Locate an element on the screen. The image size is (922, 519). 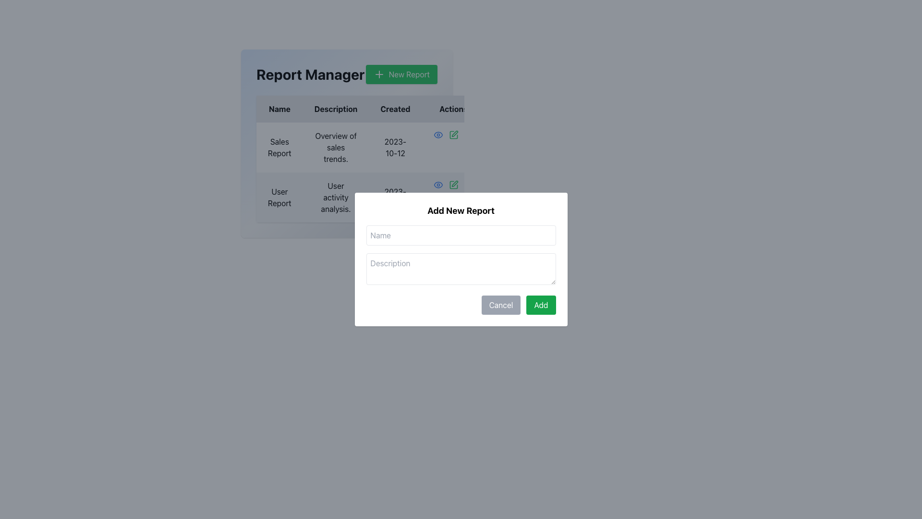
the delete button located in the last cell of the 'Actions' column for the 'Sales Report' entry to initiate the deletion process is located at coordinates (469, 135).